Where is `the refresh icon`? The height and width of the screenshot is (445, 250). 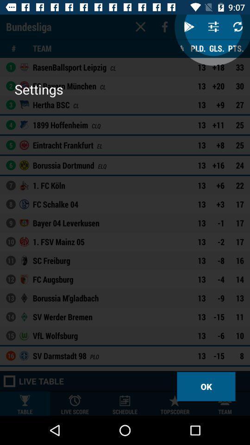 the refresh icon is located at coordinates (237, 26).